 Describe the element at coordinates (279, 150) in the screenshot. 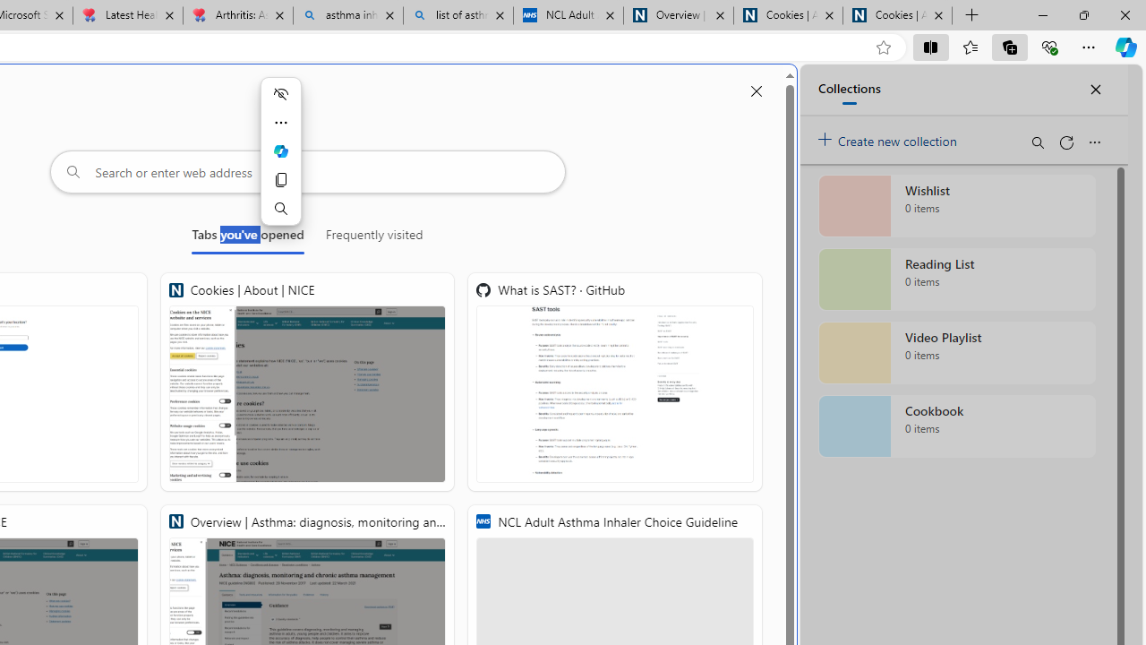

I see `'Ask Copilot'` at that location.